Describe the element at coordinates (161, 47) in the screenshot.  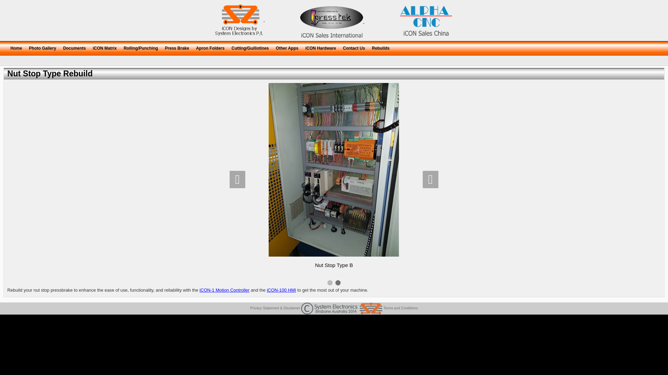
I see `'Press Brake'` at that location.